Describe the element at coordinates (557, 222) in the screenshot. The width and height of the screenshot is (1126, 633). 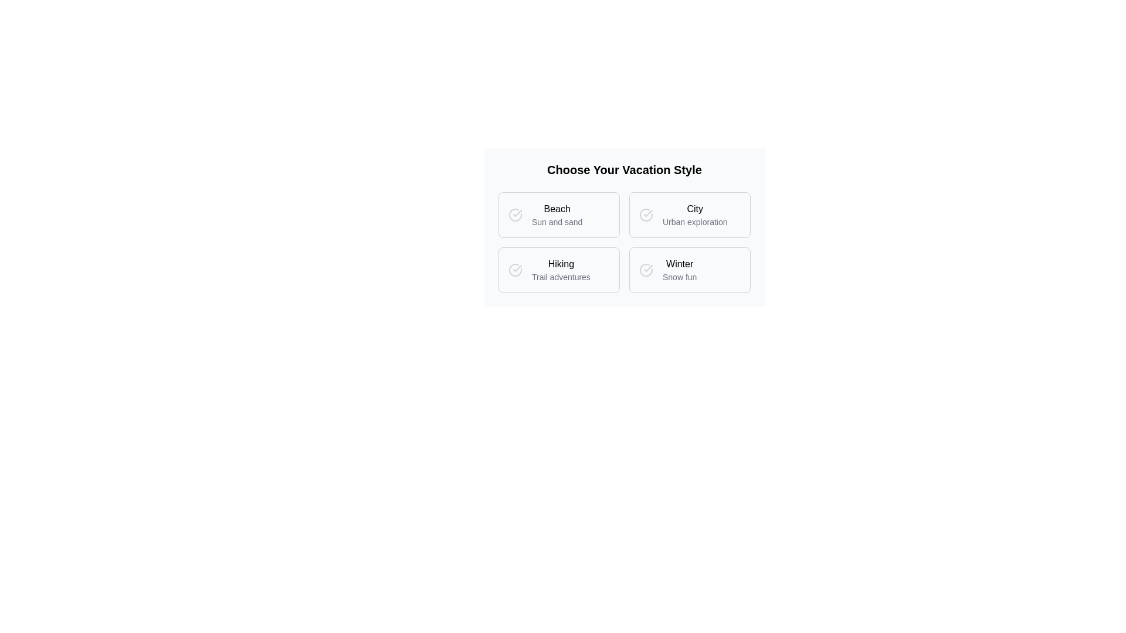
I see `the text label that reads 'Sun and sand', which is styled in a smaller and lighter font and positioned directly beneath the 'Beach' text label` at that location.